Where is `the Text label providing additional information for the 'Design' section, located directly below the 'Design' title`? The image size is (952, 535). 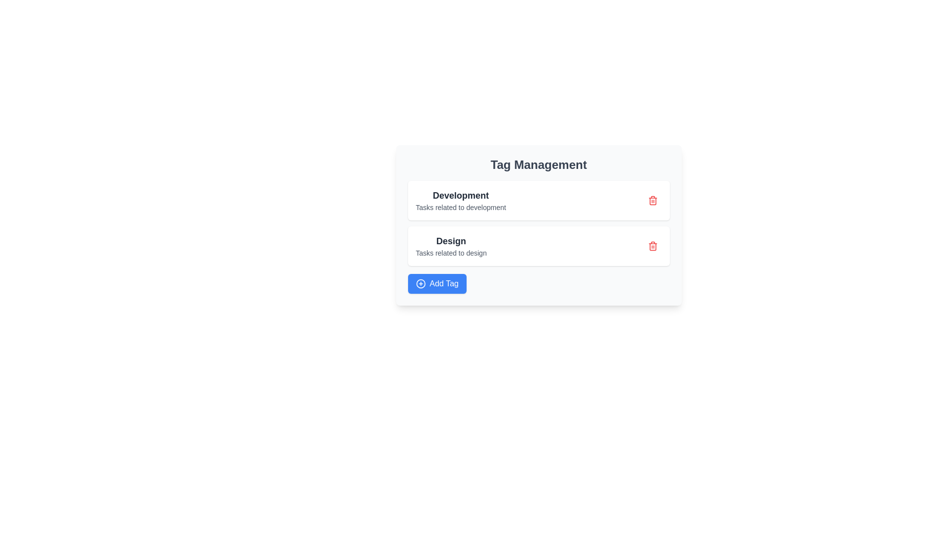
the Text label providing additional information for the 'Design' section, located directly below the 'Design' title is located at coordinates (451, 252).